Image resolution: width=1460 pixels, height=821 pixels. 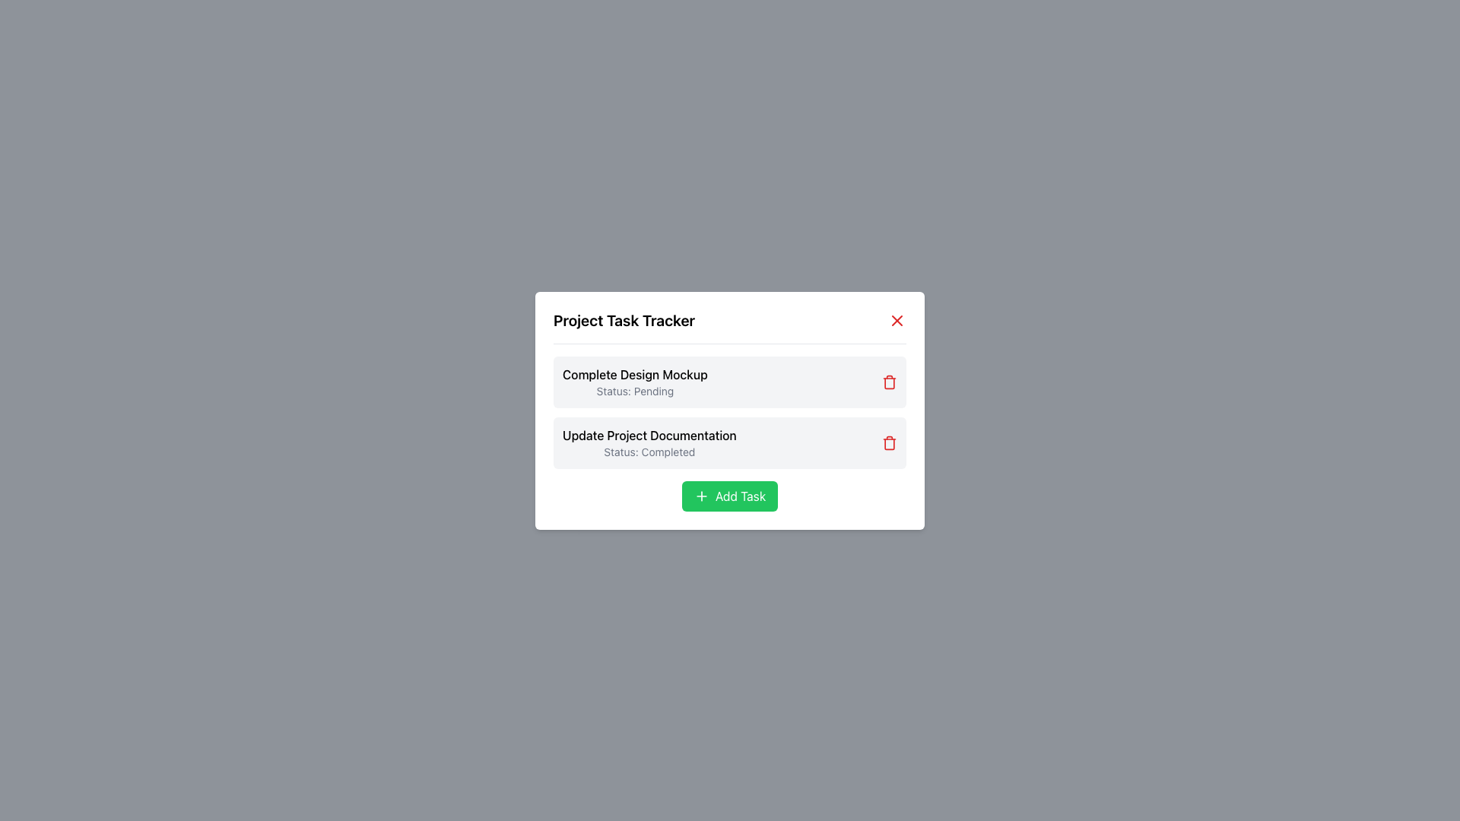 I want to click on the Close button icon located at the top-right corner of the 'Project Task Tracker' modal, so click(x=897, y=319).